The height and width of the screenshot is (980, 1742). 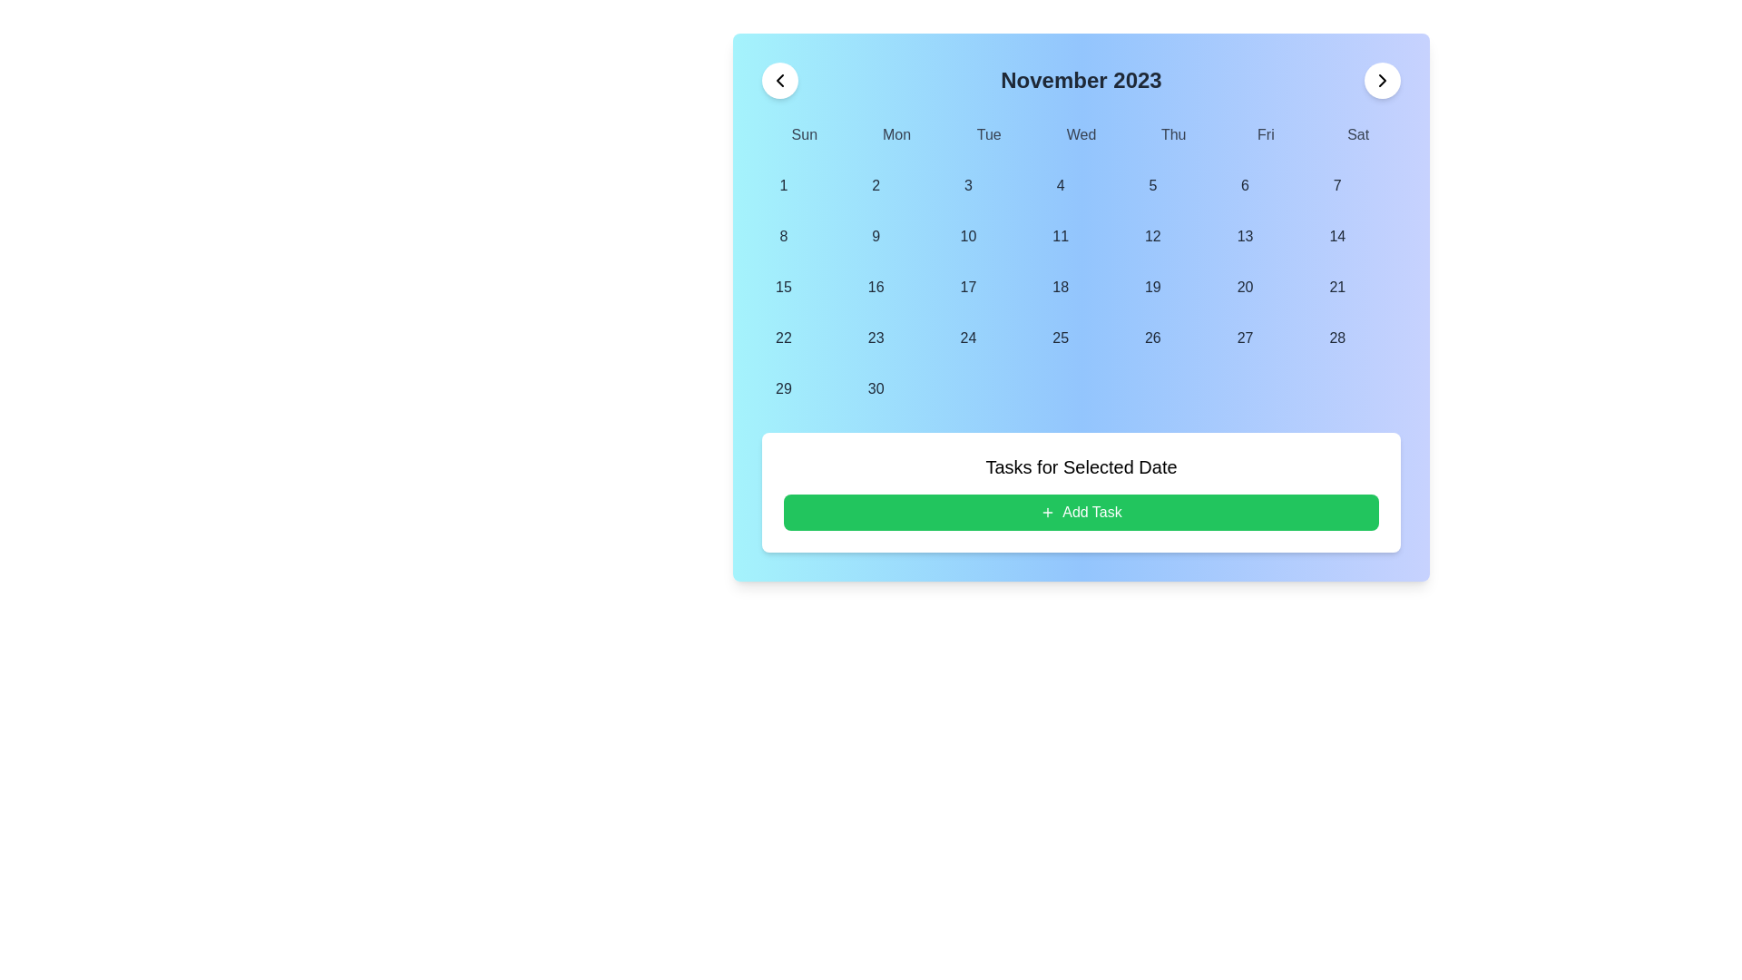 I want to click on the 'next' button icon located at the top-right corner of the calendar interface, so click(x=1381, y=79).